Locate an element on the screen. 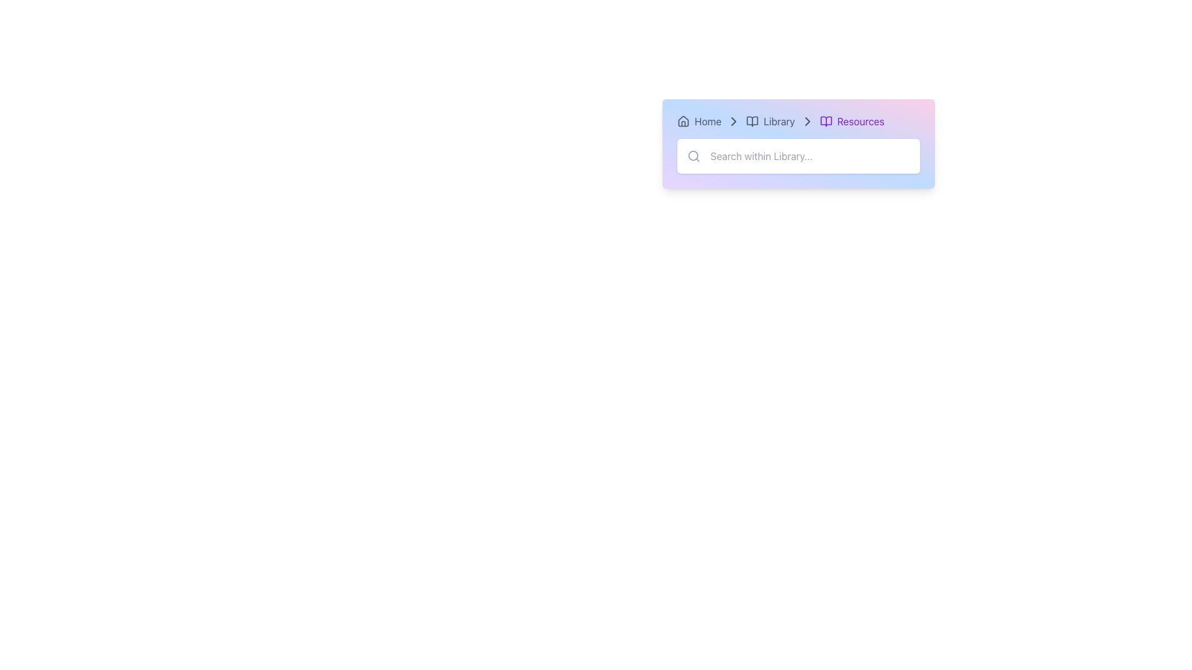 This screenshot has width=1192, height=670. the search icon located on the left side of the search bar, which visually indicates the search functionality adjacent to the placeholder text 'Search within Library...' is located at coordinates (693, 155).